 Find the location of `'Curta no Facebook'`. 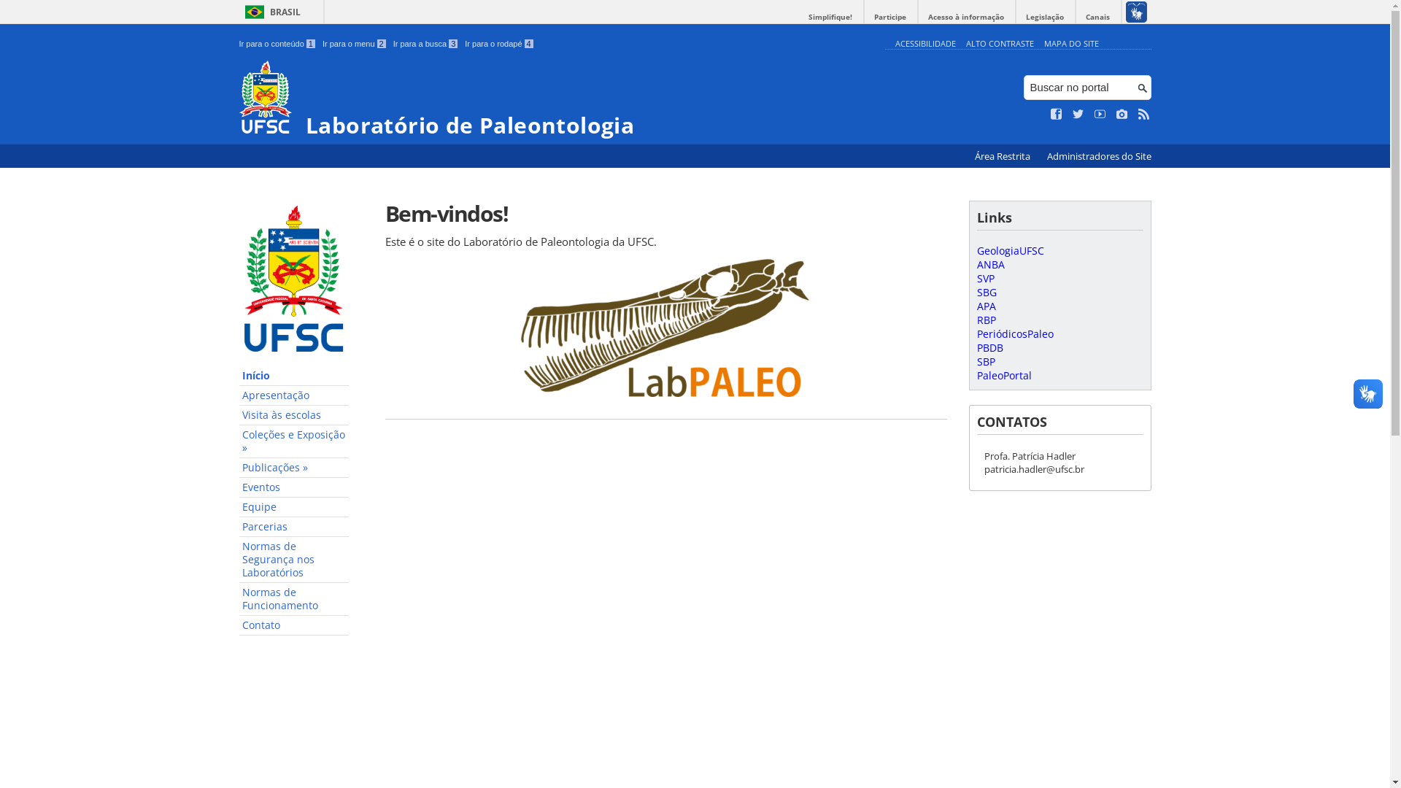

'Curta no Facebook' is located at coordinates (1057, 114).